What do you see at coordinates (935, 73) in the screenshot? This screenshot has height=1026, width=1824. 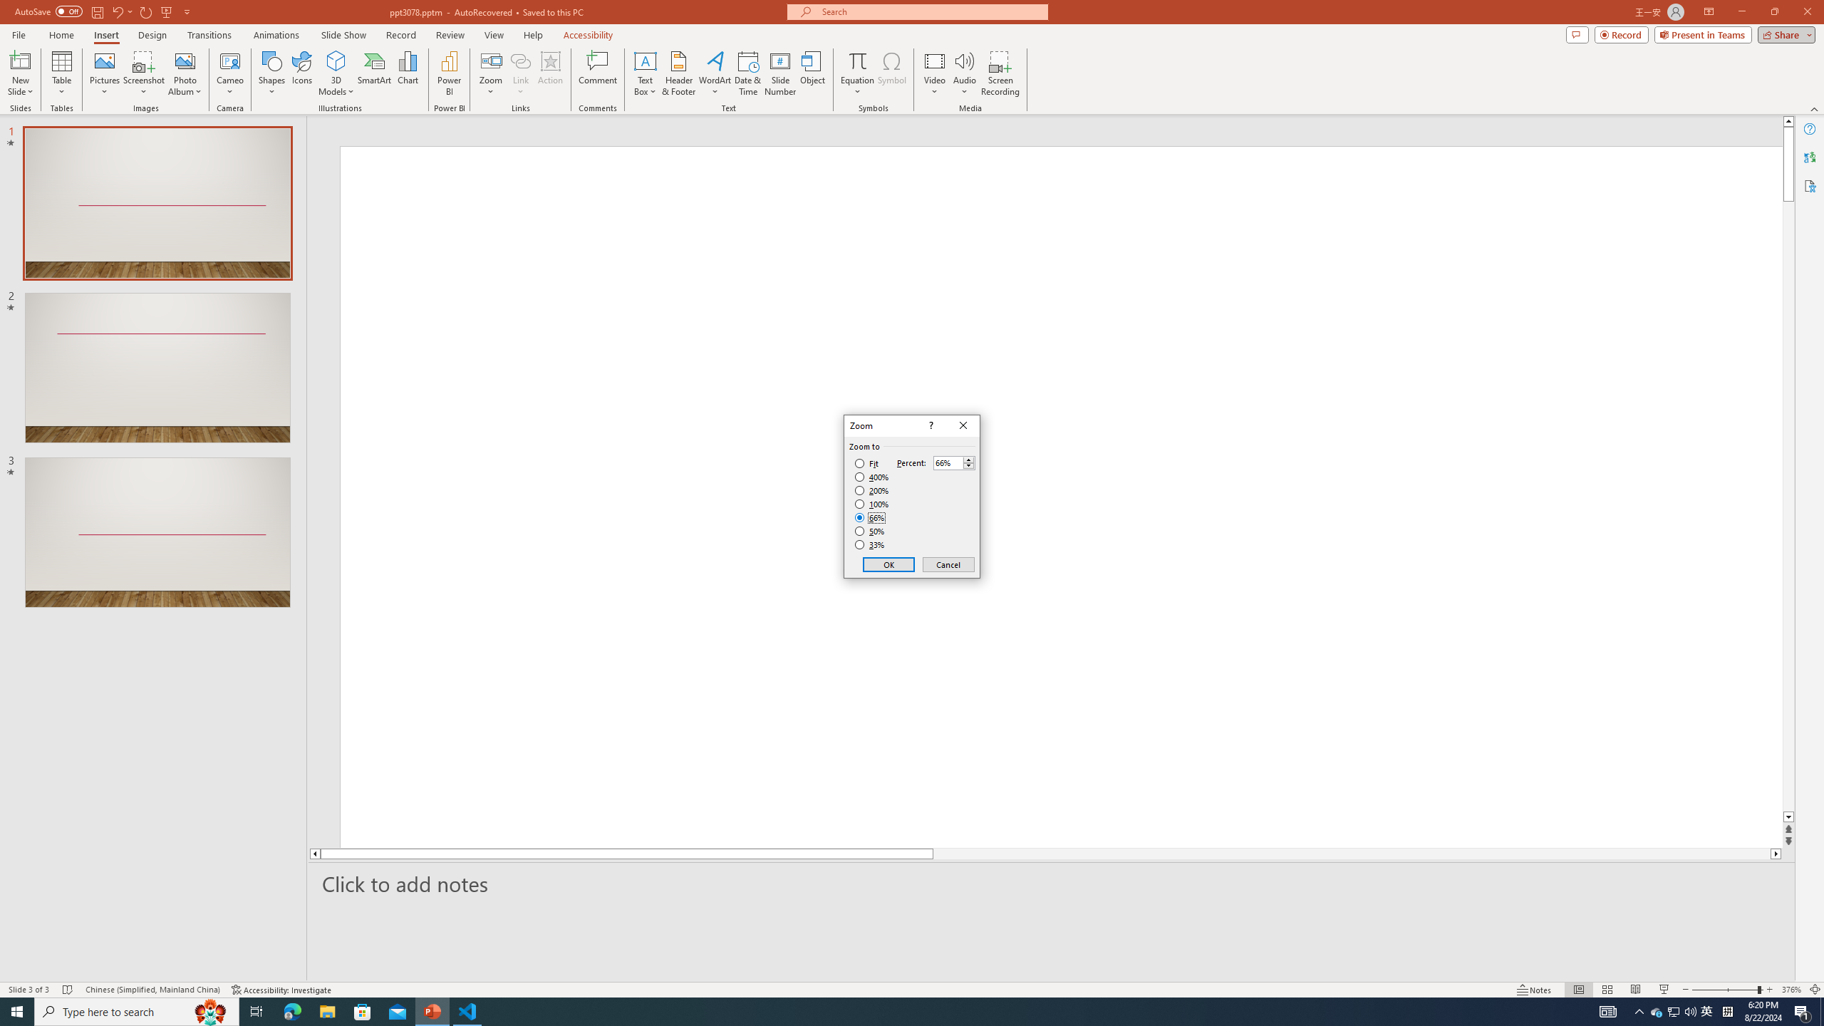 I see `'Video'` at bounding box center [935, 73].